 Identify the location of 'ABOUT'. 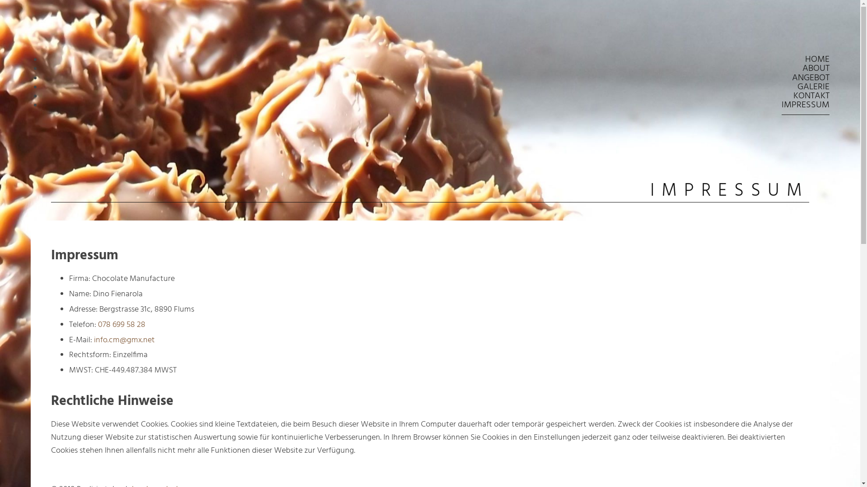
(816, 68).